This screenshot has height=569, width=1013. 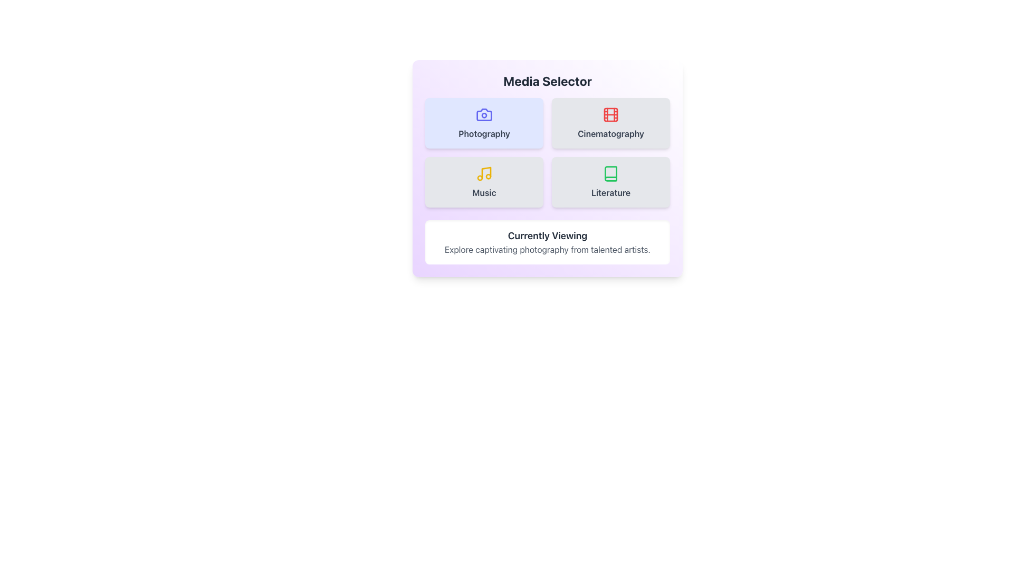 What do you see at coordinates (483, 182) in the screenshot?
I see `the button in the lower-left corner of the grid layout` at bounding box center [483, 182].